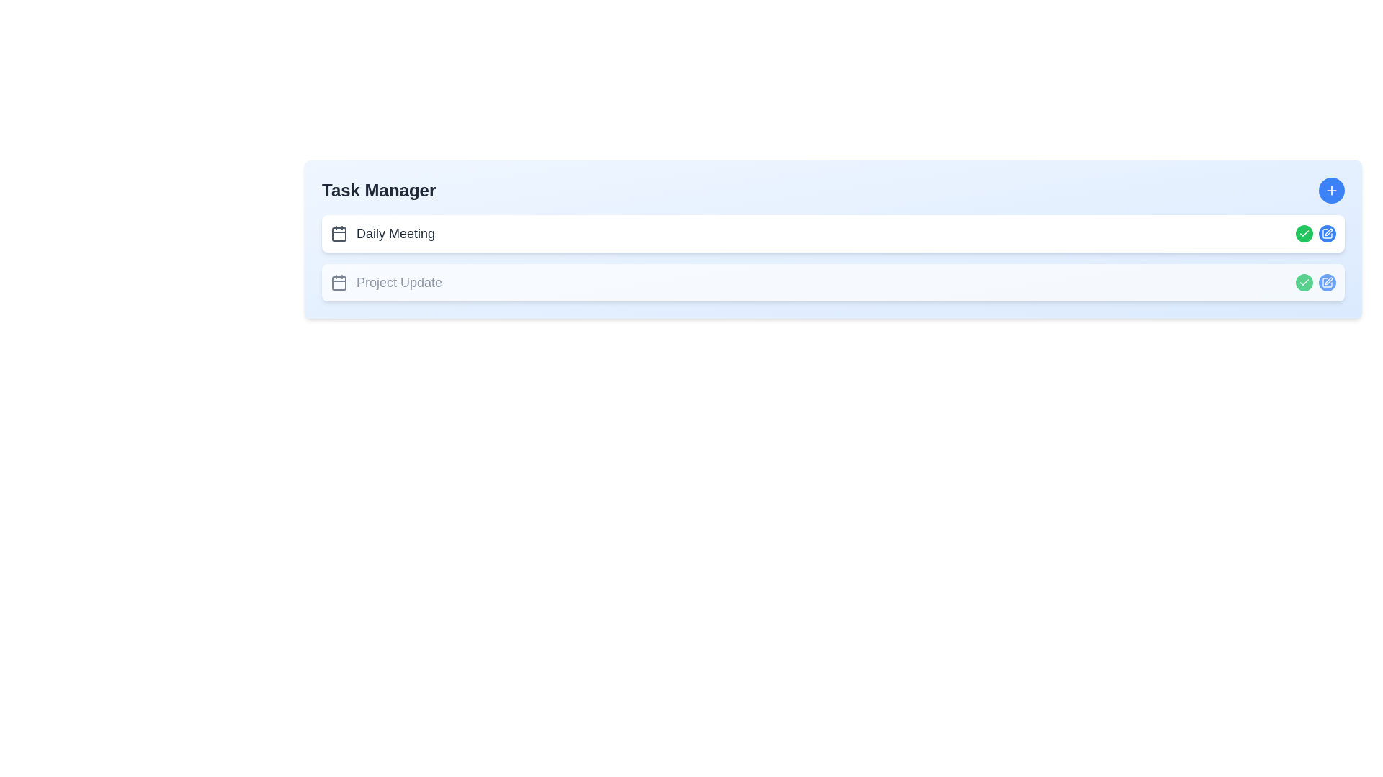 The width and height of the screenshot is (1383, 777). What do you see at coordinates (338, 283) in the screenshot?
I see `the highlighted date or event represented by the SVG rectangle element located in the lower central position of the calendar icon` at bounding box center [338, 283].